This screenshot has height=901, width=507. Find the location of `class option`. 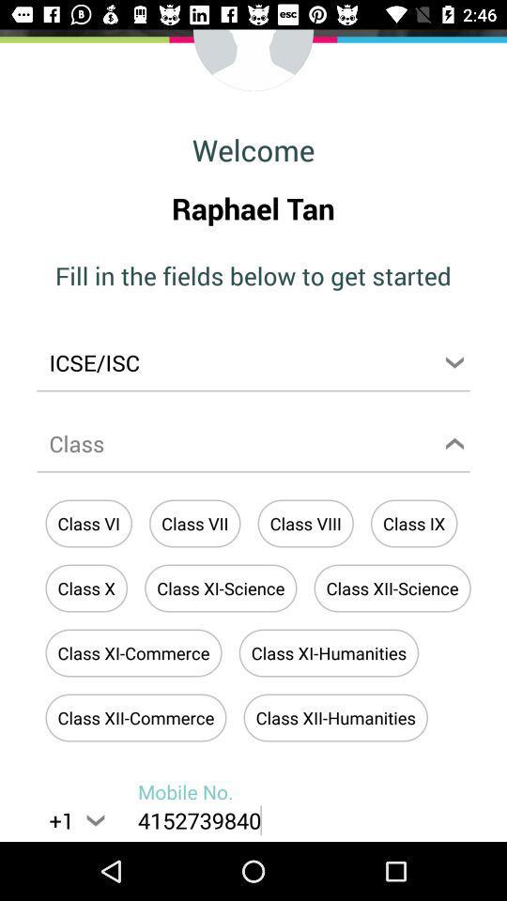

class option is located at coordinates (253, 447).